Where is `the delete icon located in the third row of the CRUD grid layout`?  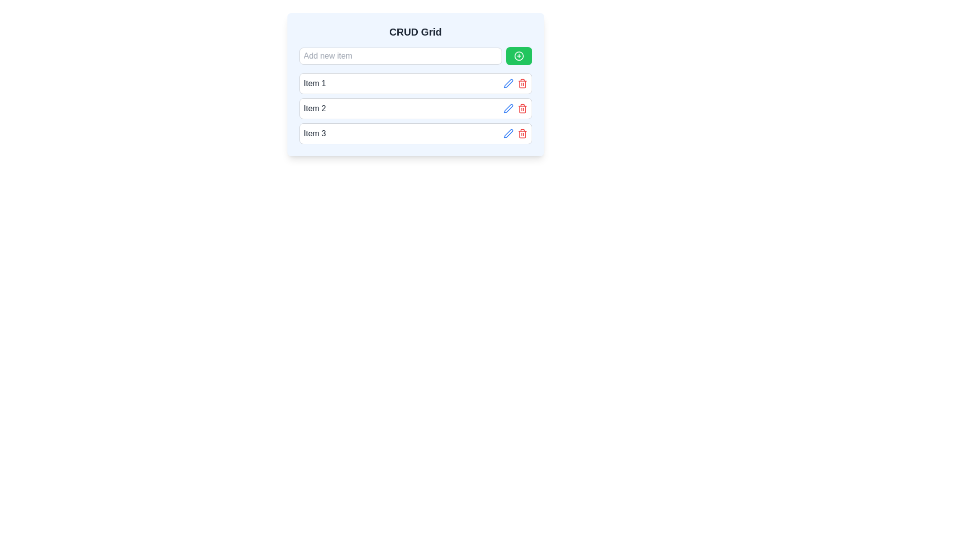
the delete icon located in the third row of the CRUD grid layout is located at coordinates (522, 83).